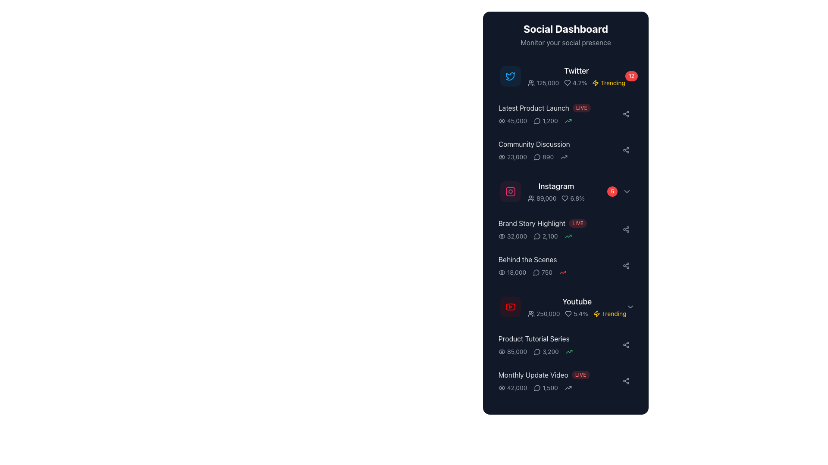 This screenshot has height=465, width=828. What do you see at coordinates (563, 307) in the screenshot?
I see `the composite dashboard entry displaying YouTube social media metrics, which includes user count and activity percentage, located in the sixth position of the 'Social Dashboard' panel` at bounding box center [563, 307].